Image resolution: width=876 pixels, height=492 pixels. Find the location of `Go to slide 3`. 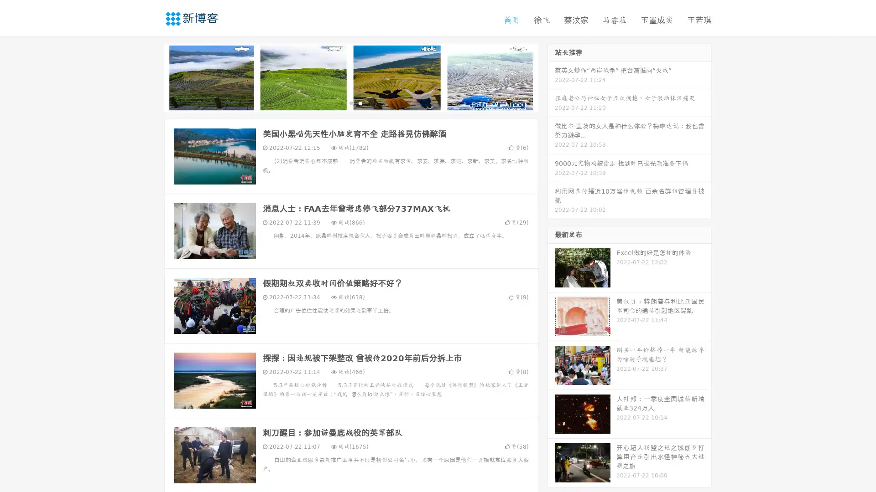

Go to slide 3 is located at coordinates (360, 102).